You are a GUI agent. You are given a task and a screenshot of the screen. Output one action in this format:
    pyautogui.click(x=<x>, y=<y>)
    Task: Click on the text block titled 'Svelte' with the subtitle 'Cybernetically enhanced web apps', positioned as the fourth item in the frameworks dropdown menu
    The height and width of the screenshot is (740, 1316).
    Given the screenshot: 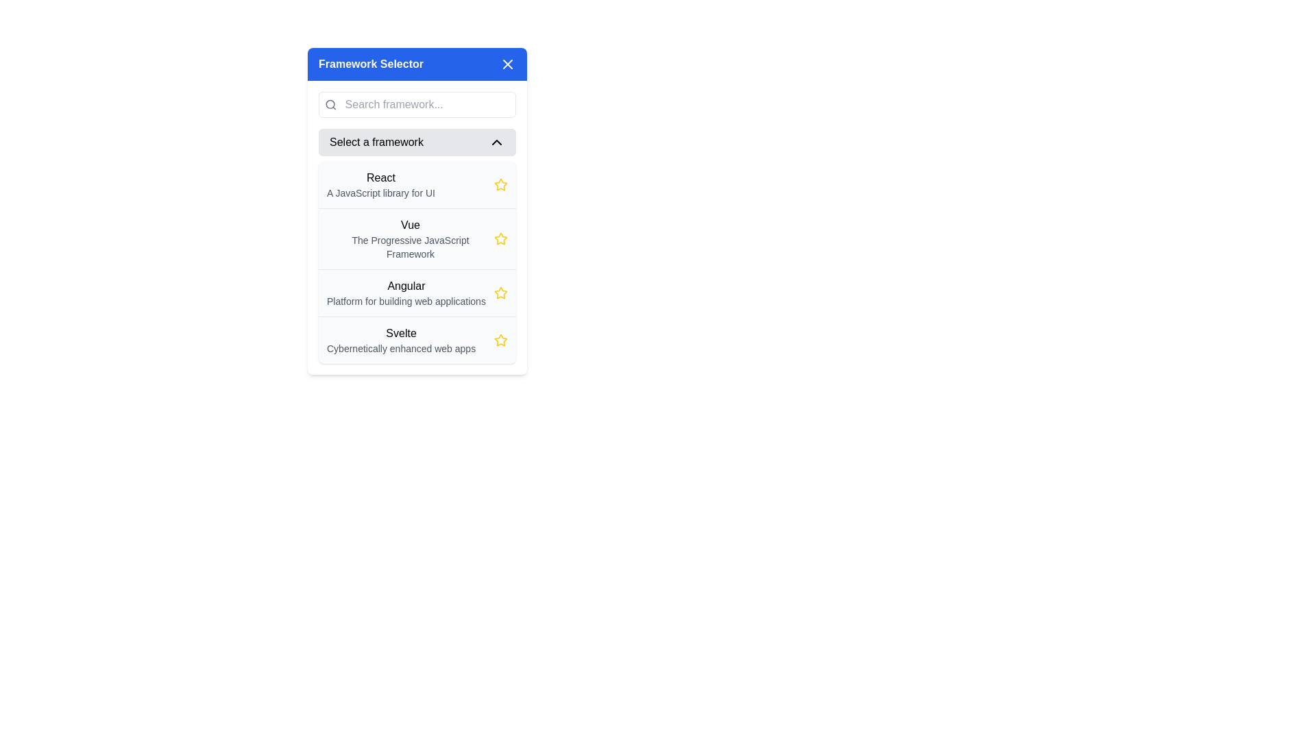 What is the action you would take?
    pyautogui.click(x=400, y=340)
    